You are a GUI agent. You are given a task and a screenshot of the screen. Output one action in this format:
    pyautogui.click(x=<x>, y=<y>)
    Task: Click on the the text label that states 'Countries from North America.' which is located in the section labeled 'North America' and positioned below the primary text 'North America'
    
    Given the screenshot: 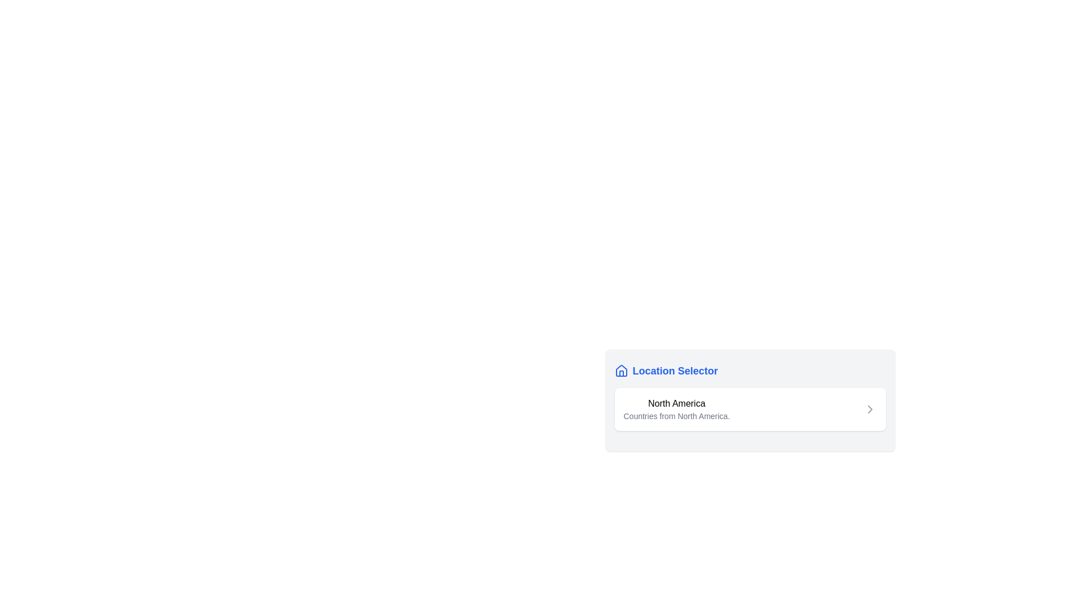 What is the action you would take?
    pyautogui.click(x=676, y=416)
    